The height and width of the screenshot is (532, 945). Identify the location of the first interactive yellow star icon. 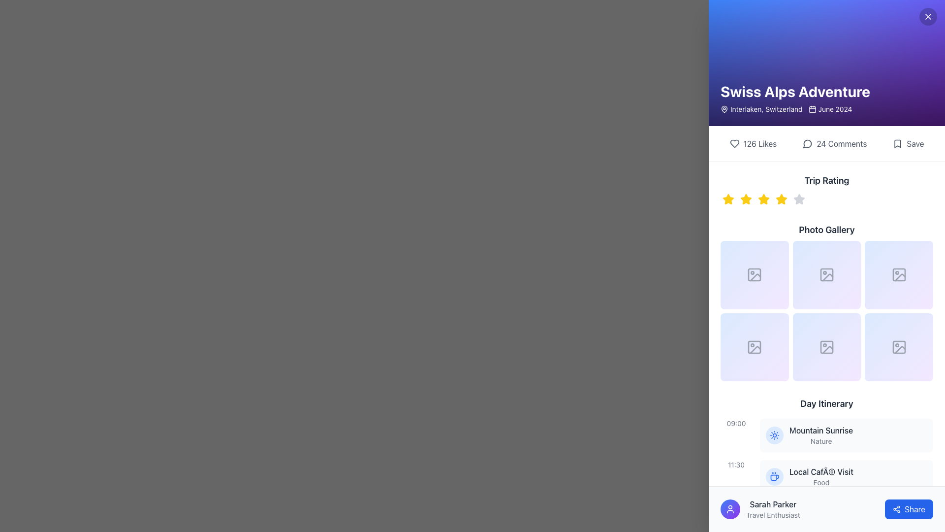
(728, 199).